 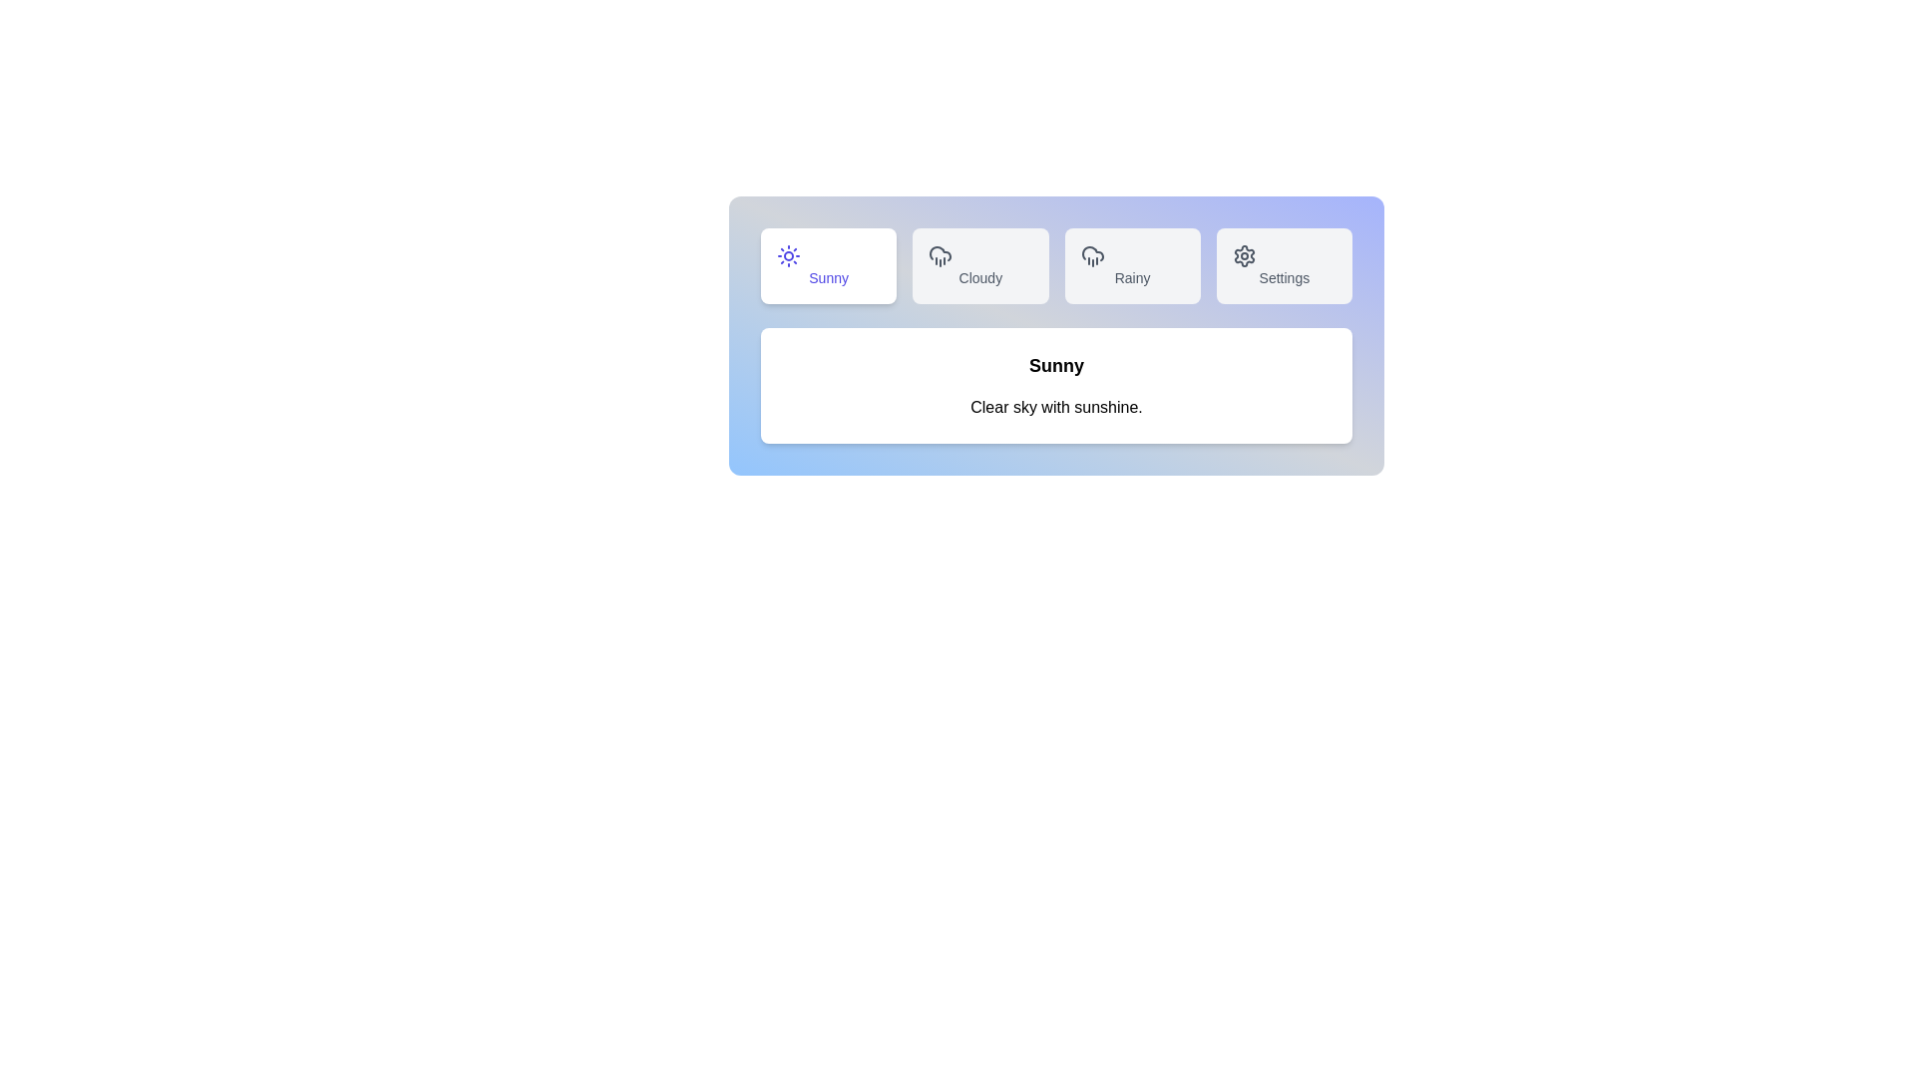 I want to click on the Sunny tab, so click(x=829, y=264).